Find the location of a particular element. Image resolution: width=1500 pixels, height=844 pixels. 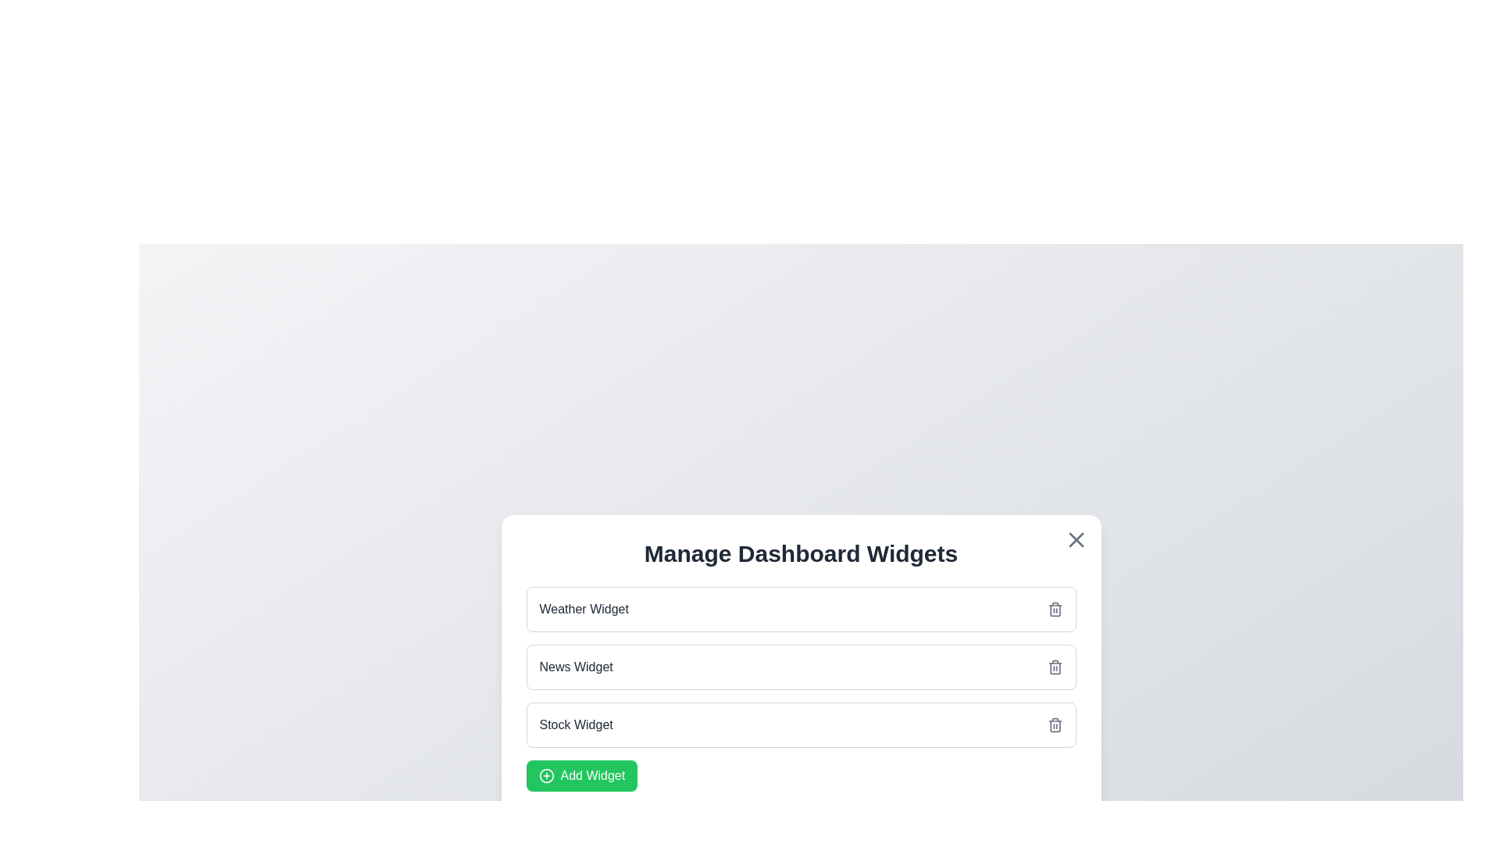

the delete button for the widget named News Widget is located at coordinates (1055, 667).